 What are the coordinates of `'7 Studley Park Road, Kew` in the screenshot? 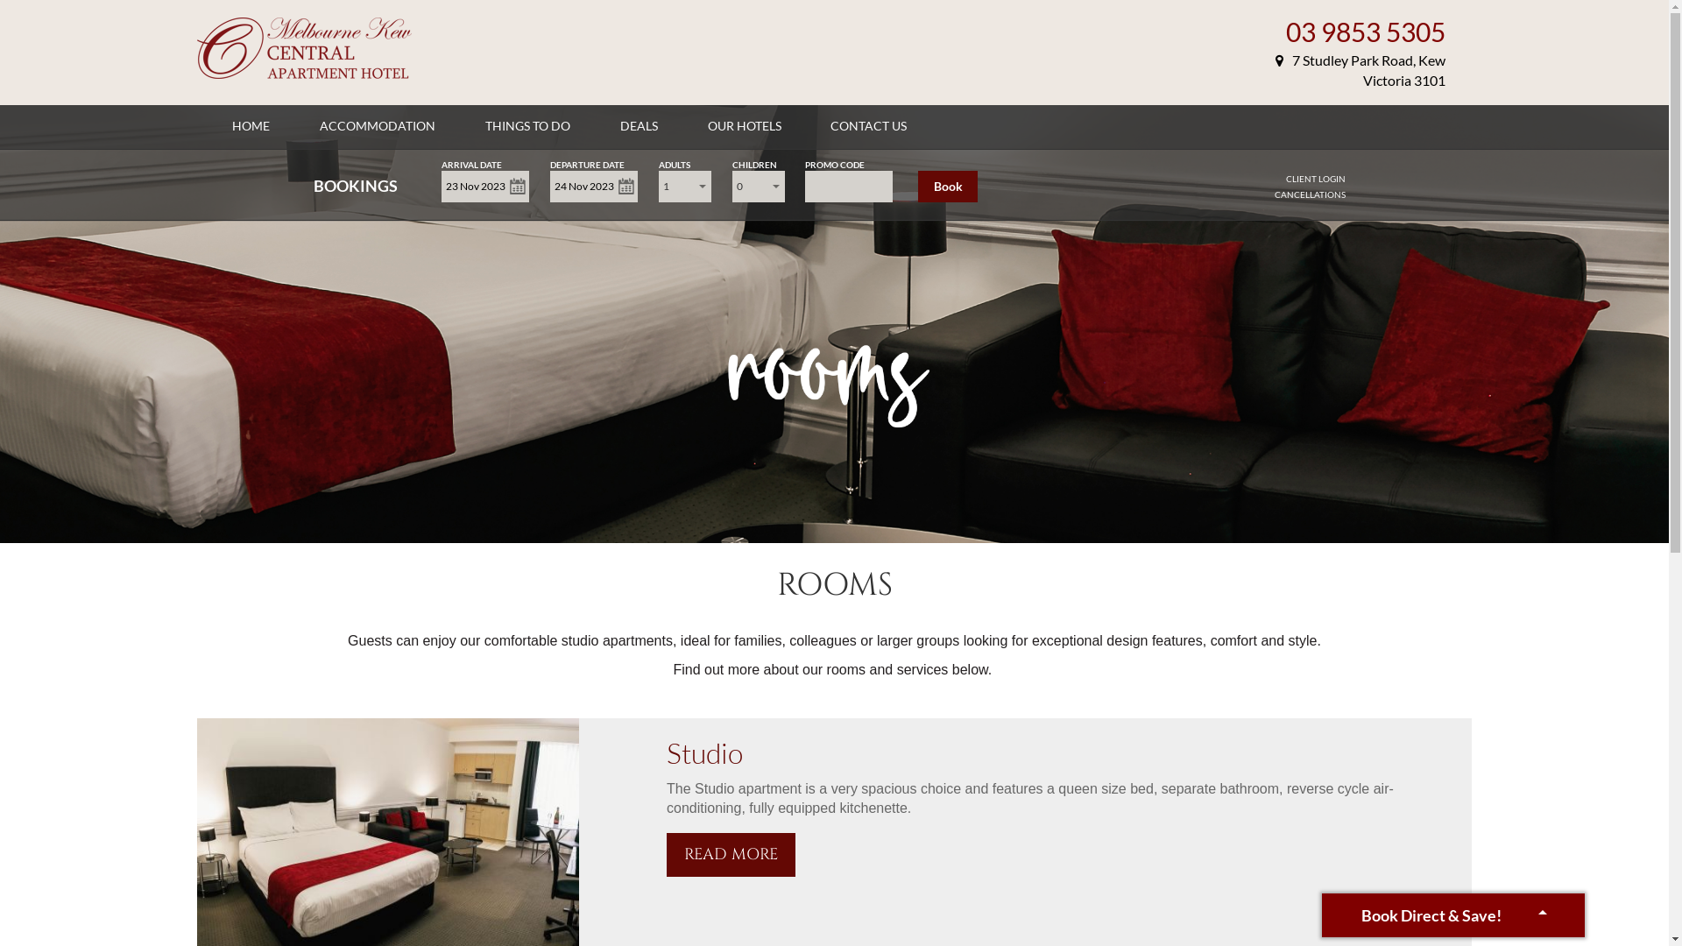 It's located at (1275, 69).